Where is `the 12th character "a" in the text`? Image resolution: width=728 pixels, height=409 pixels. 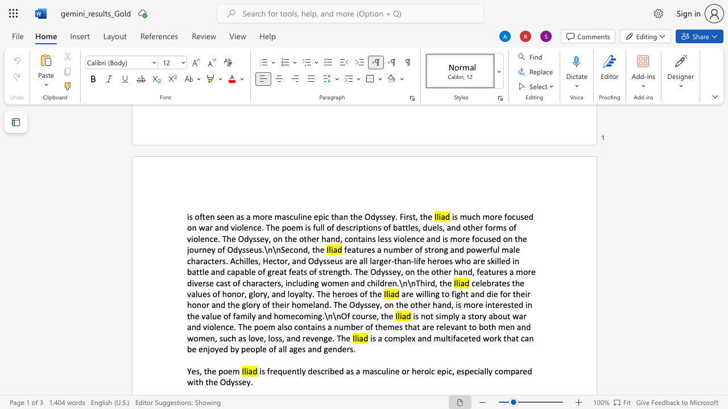 the 12th character "a" in the text is located at coordinates (475, 261).